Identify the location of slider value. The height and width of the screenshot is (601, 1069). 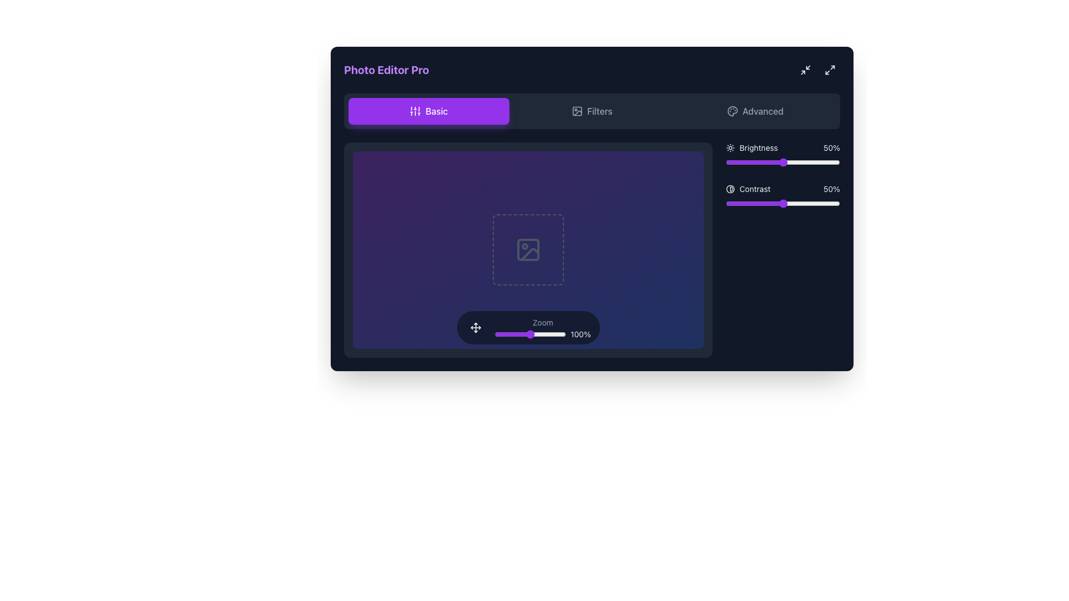
(758, 162).